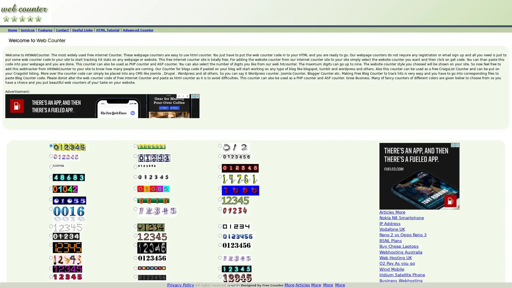 This screenshot has height=288, width=512. What do you see at coordinates (69, 214) in the screenshot?
I see `Submit` at bounding box center [69, 214].